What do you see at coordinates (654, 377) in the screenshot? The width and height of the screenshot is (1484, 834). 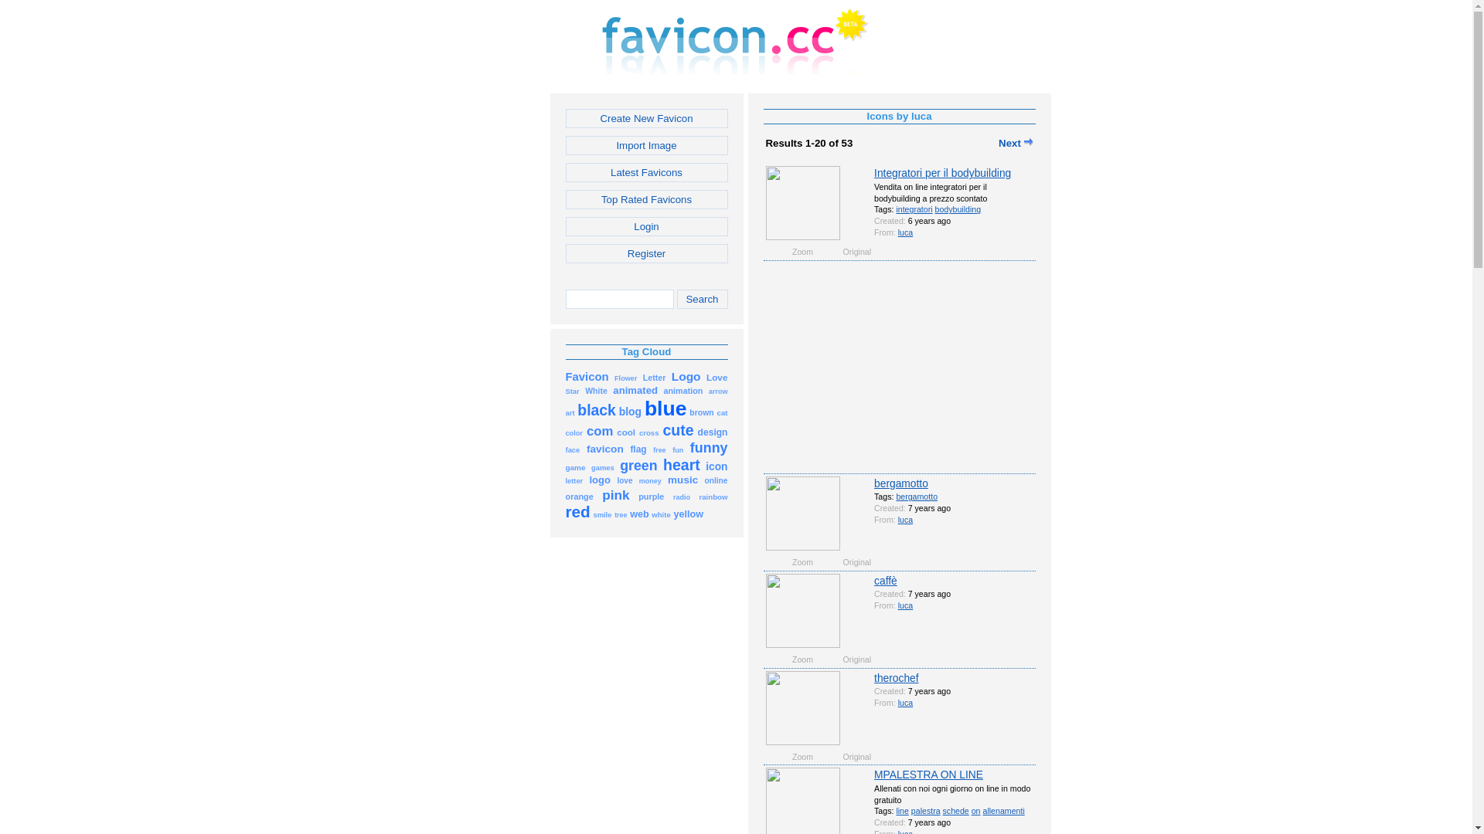 I see `'Letter'` at bounding box center [654, 377].